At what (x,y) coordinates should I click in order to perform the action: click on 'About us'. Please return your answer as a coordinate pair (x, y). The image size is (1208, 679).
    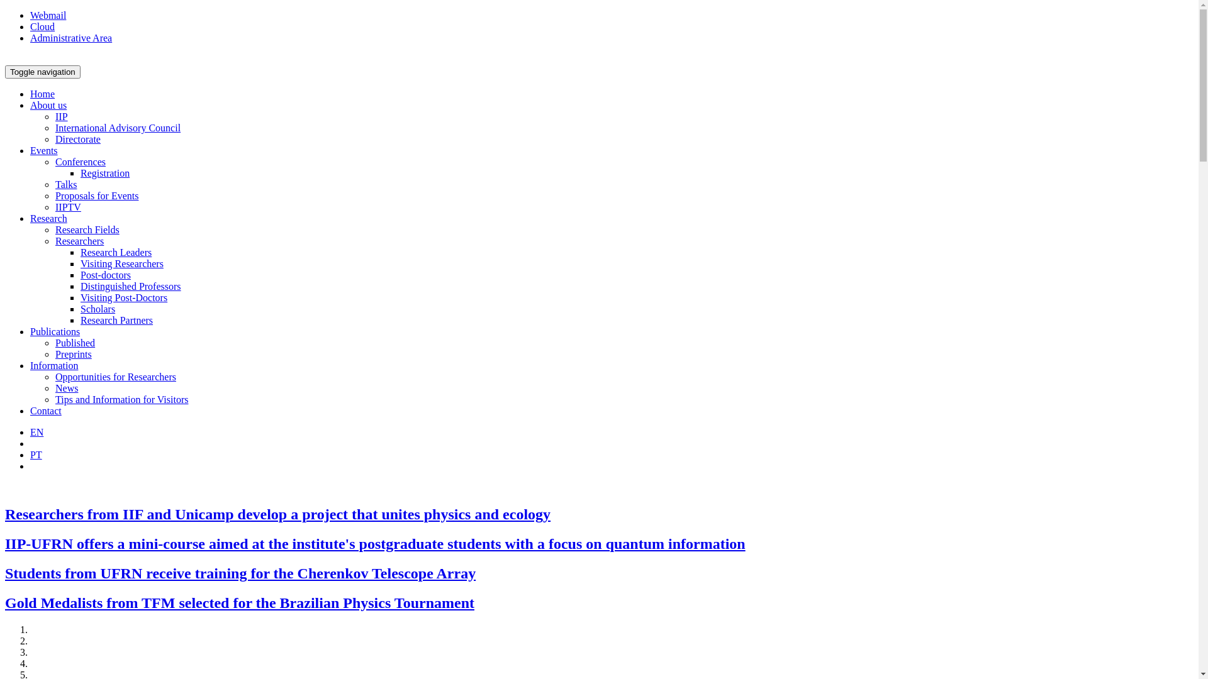
    Looking at the image, I should click on (48, 104).